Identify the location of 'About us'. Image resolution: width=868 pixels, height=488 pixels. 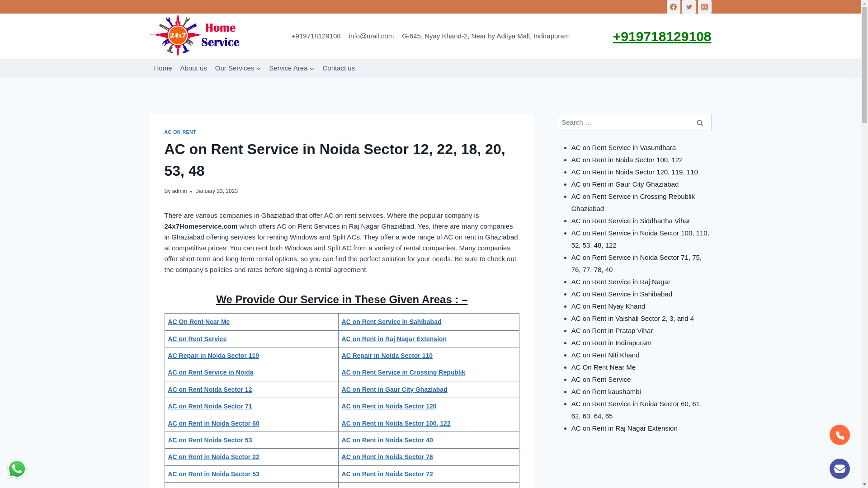
(193, 67).